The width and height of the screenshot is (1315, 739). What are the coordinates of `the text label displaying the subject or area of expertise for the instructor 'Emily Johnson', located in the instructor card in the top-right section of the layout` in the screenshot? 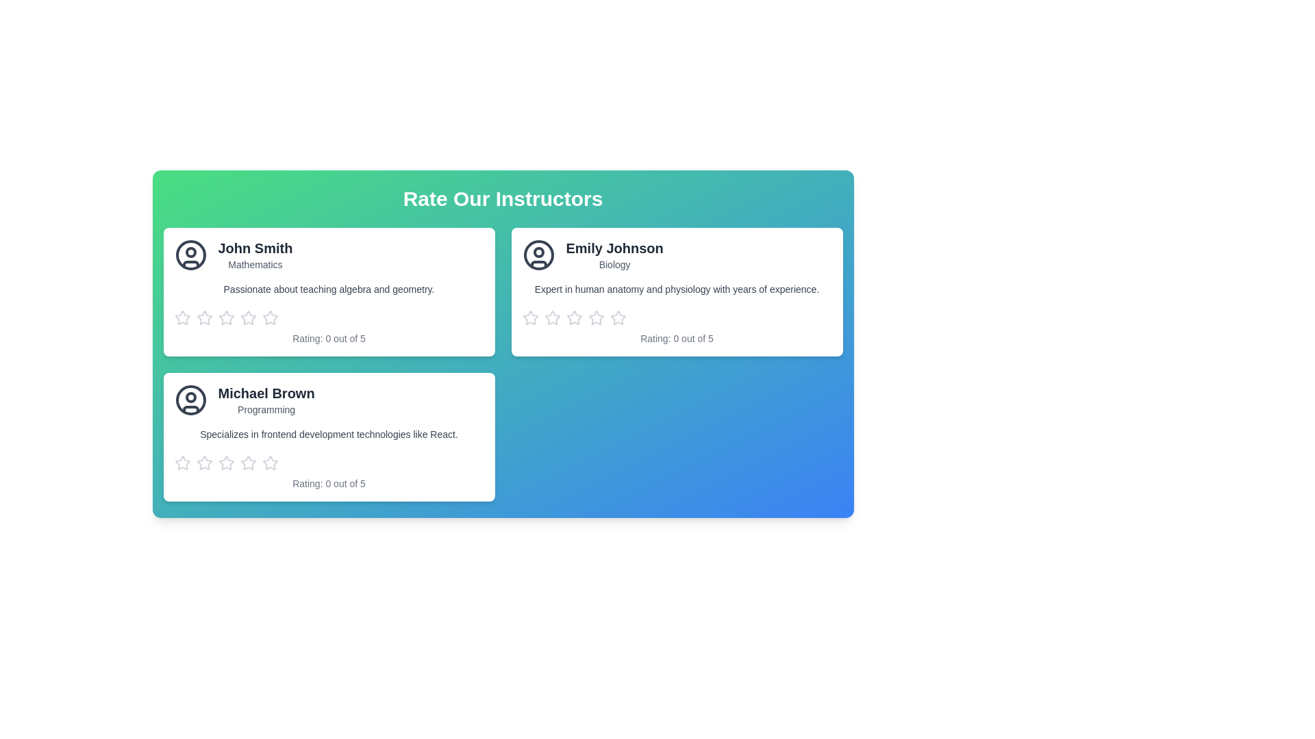 It's located at (614, 264).